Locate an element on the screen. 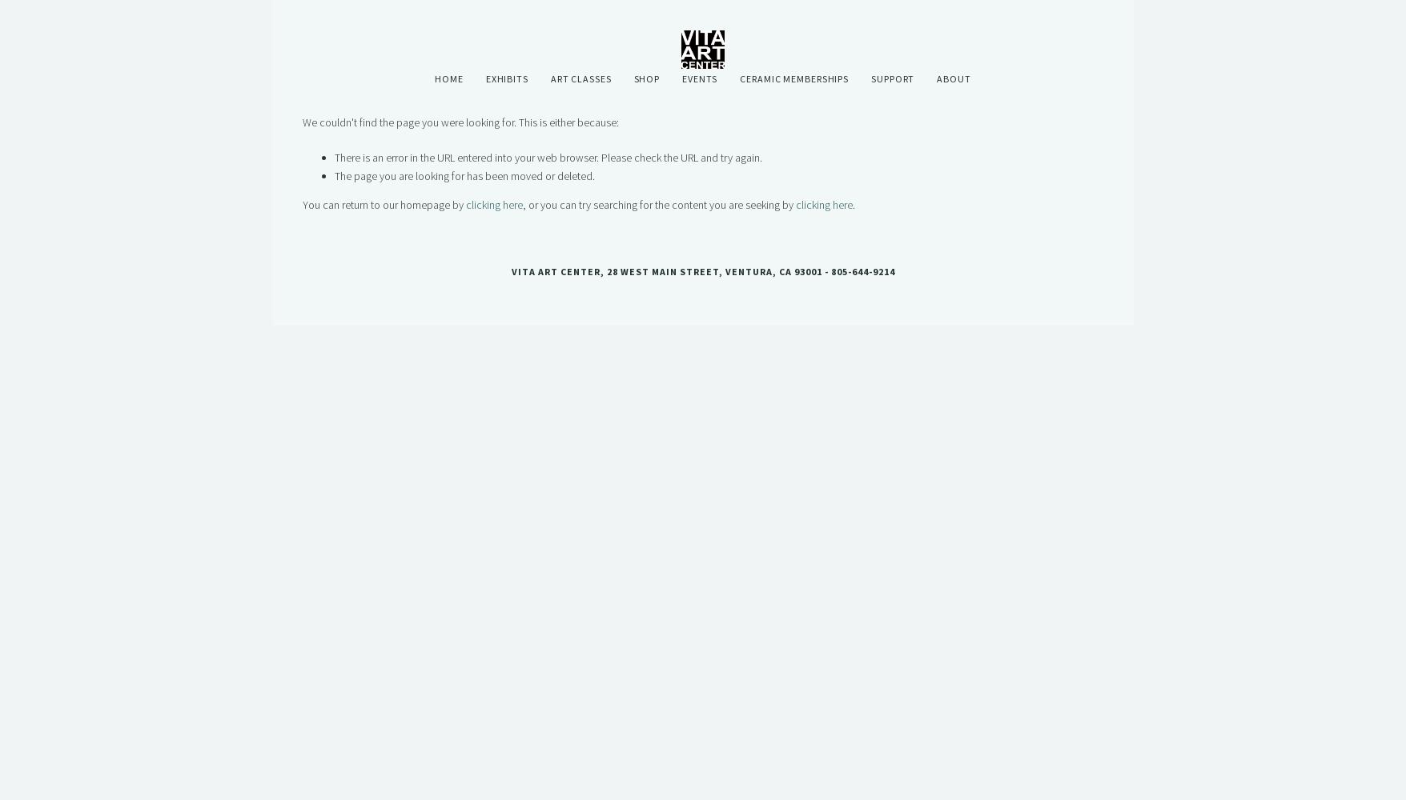 This screenshot has width=1406, height=800. 'You can return to our homepage by' is located at coordinates (384, 205).